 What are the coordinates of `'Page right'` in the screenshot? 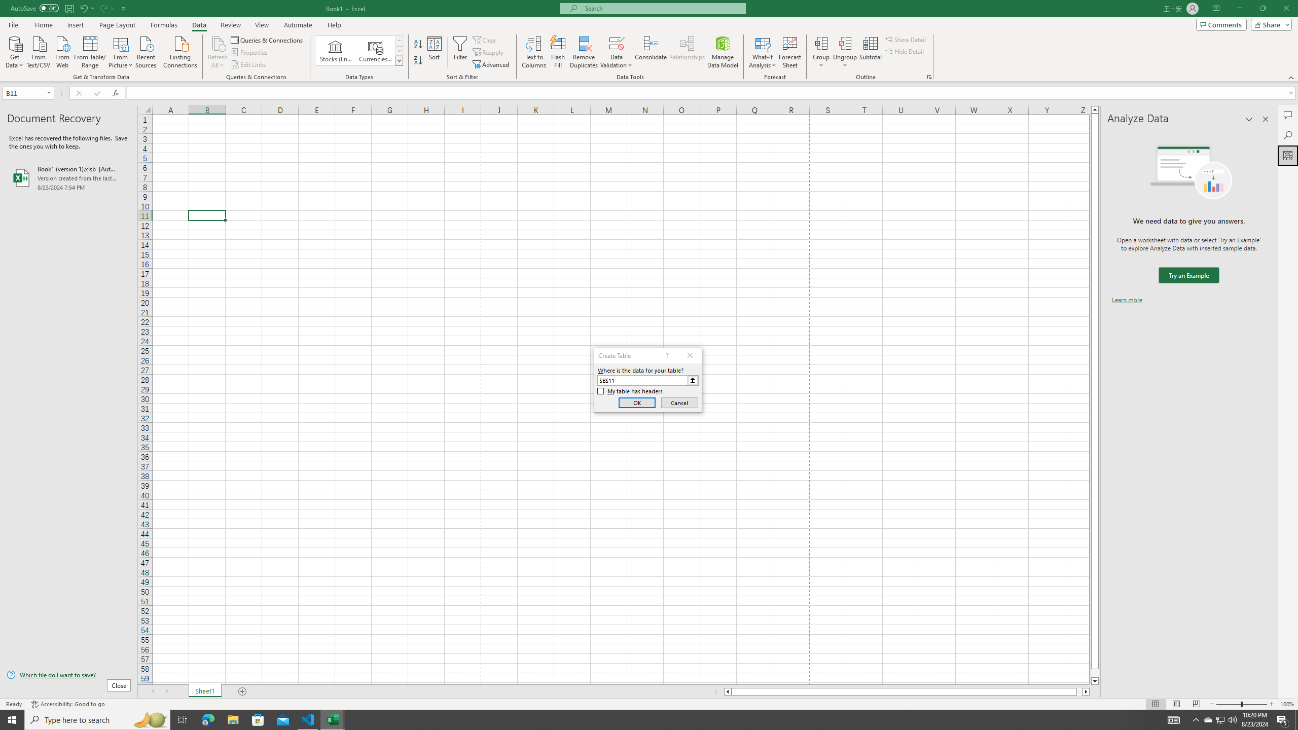 It's located at (1079, 691).